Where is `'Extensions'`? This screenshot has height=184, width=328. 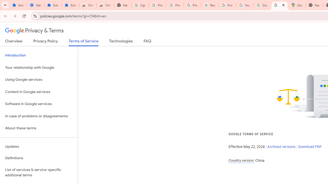
'Extensions' is located at coordinates (70, 5).